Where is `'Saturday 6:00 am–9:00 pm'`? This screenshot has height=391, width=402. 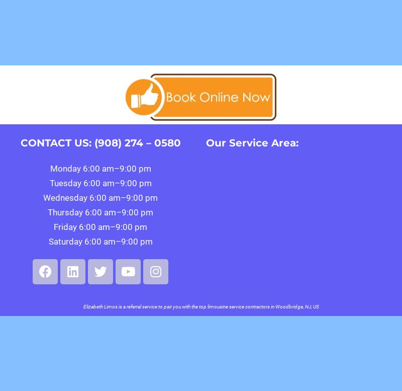
'Saturday 6:00 am–9:00 pm' is located at coordinates (99, 241).